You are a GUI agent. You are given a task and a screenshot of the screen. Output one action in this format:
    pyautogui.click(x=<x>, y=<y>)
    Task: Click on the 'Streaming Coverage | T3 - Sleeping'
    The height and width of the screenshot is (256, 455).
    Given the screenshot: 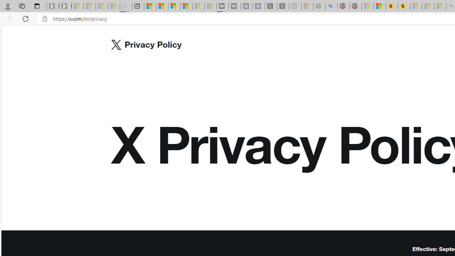 What is the action you would take?
    pyautogui.click(x=222, y=6)
    